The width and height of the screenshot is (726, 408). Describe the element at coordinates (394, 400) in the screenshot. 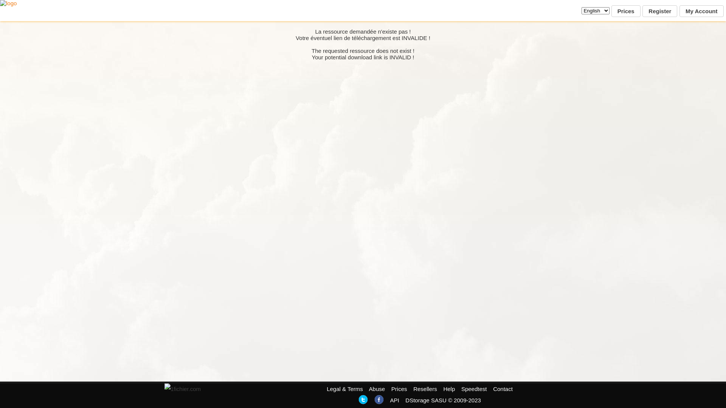

I see `'API'` at that location.